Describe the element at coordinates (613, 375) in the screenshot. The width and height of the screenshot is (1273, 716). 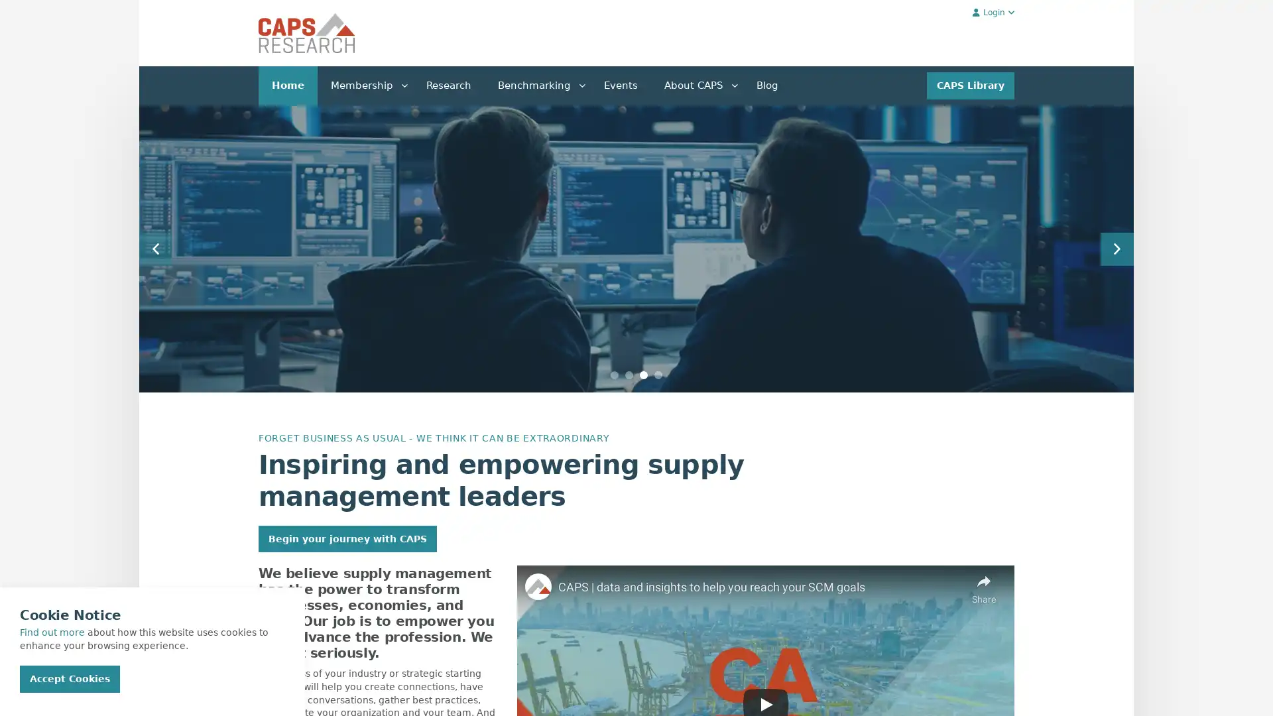
I see `1` at that location.